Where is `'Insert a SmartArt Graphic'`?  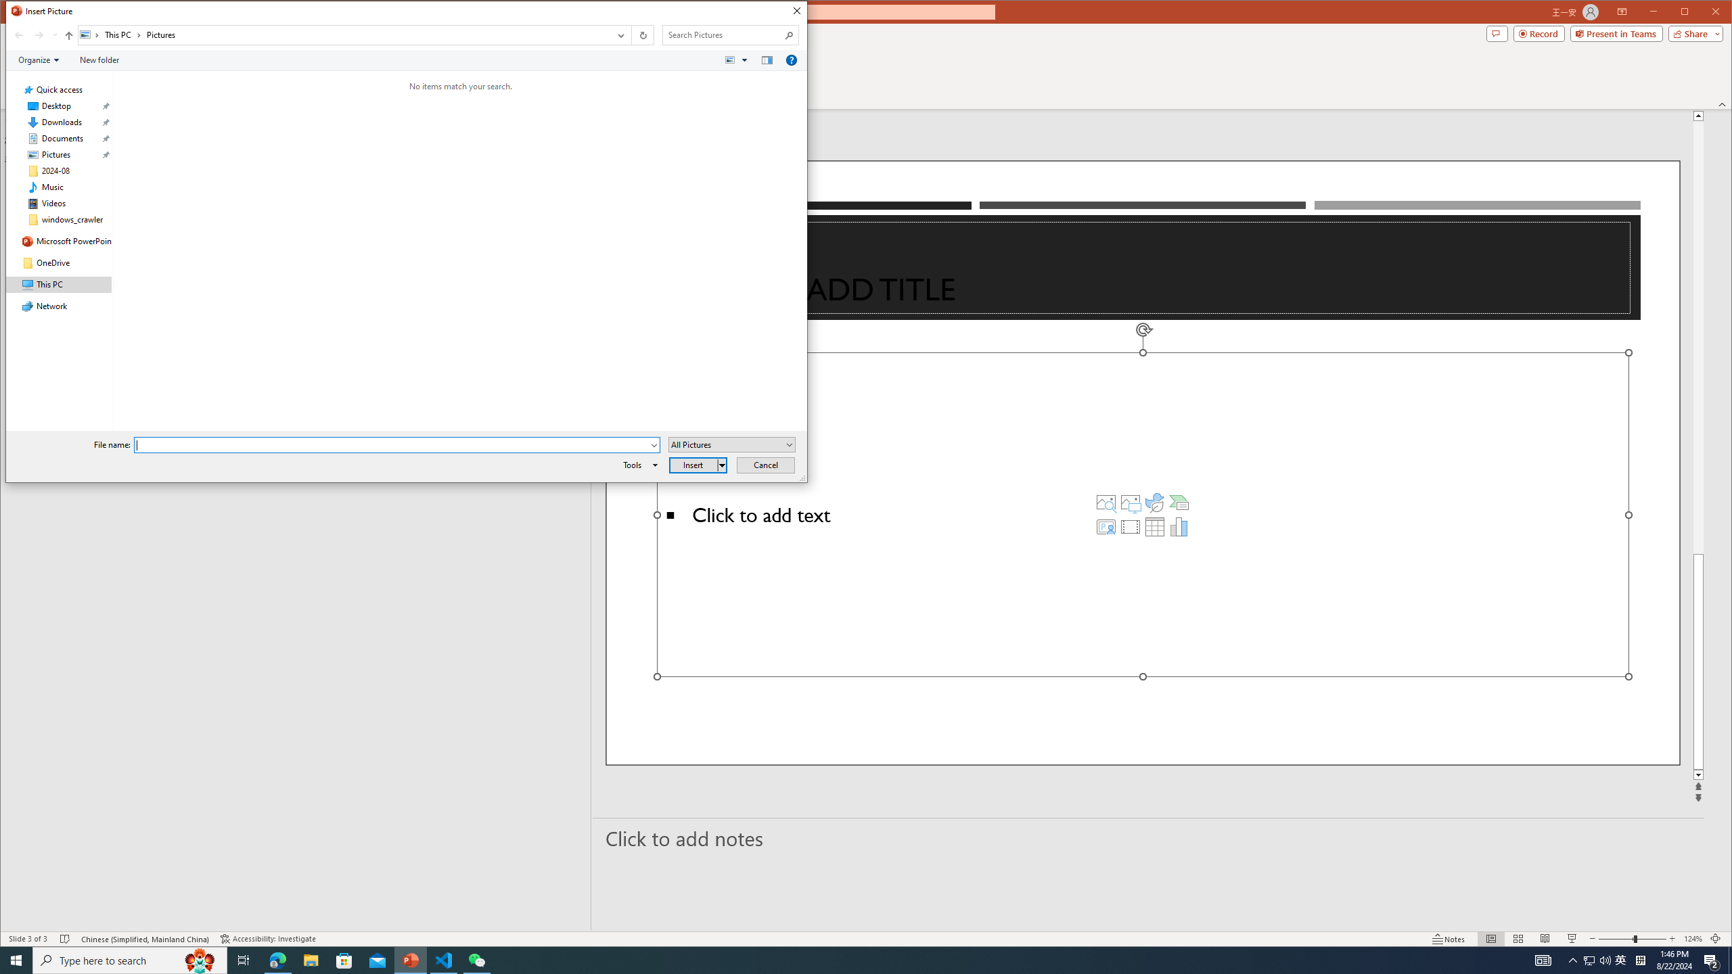
'Insert a SmartArt Graphic' is located at coordinates (1179, 502).